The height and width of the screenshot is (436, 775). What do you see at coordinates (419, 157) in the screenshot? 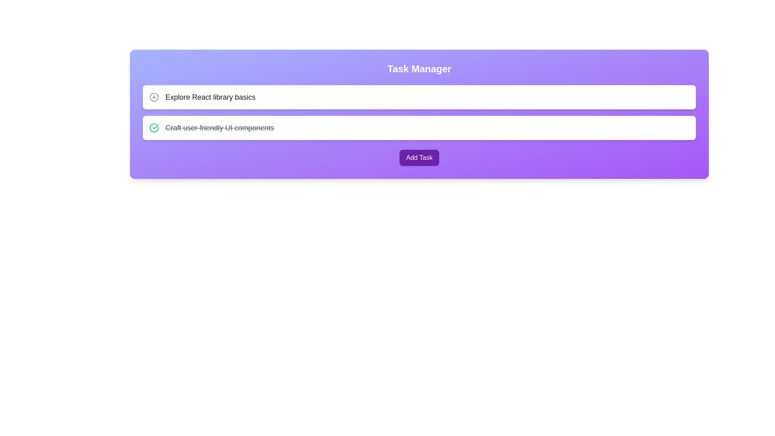
I see `the 'Add Task' button to add a new task` at bounding box center [419, 157].